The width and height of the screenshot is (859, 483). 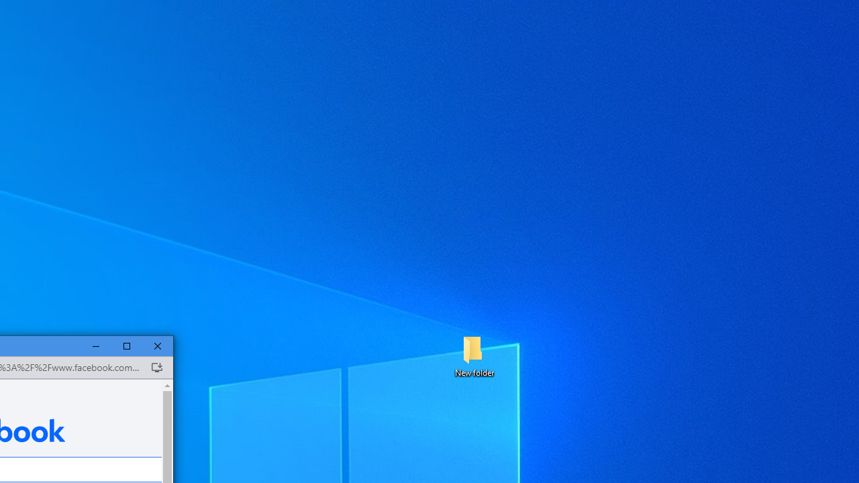 I want to click on 'Maximize', so click(x=127, y=345).